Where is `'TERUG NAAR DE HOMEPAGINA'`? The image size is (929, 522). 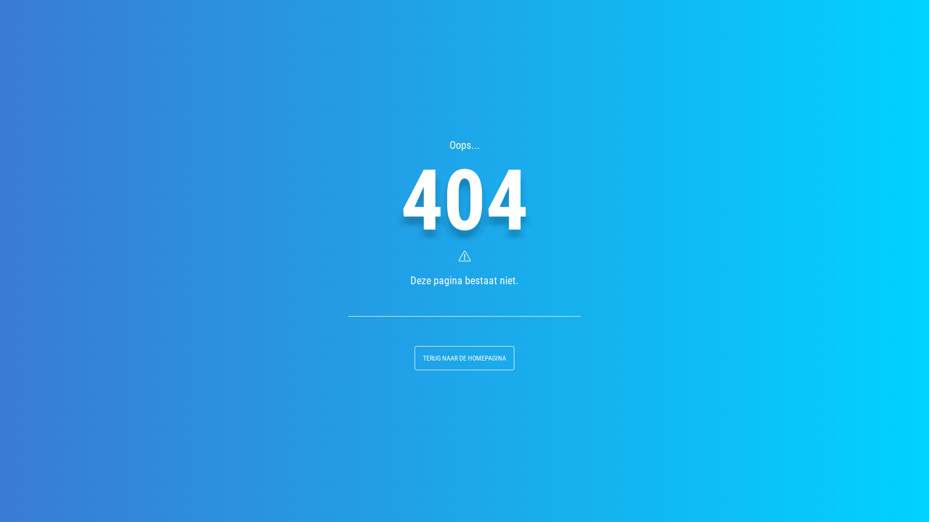 'TERUG NAAR DE HOMEPAGINA' is located at coordinates (464, 358).